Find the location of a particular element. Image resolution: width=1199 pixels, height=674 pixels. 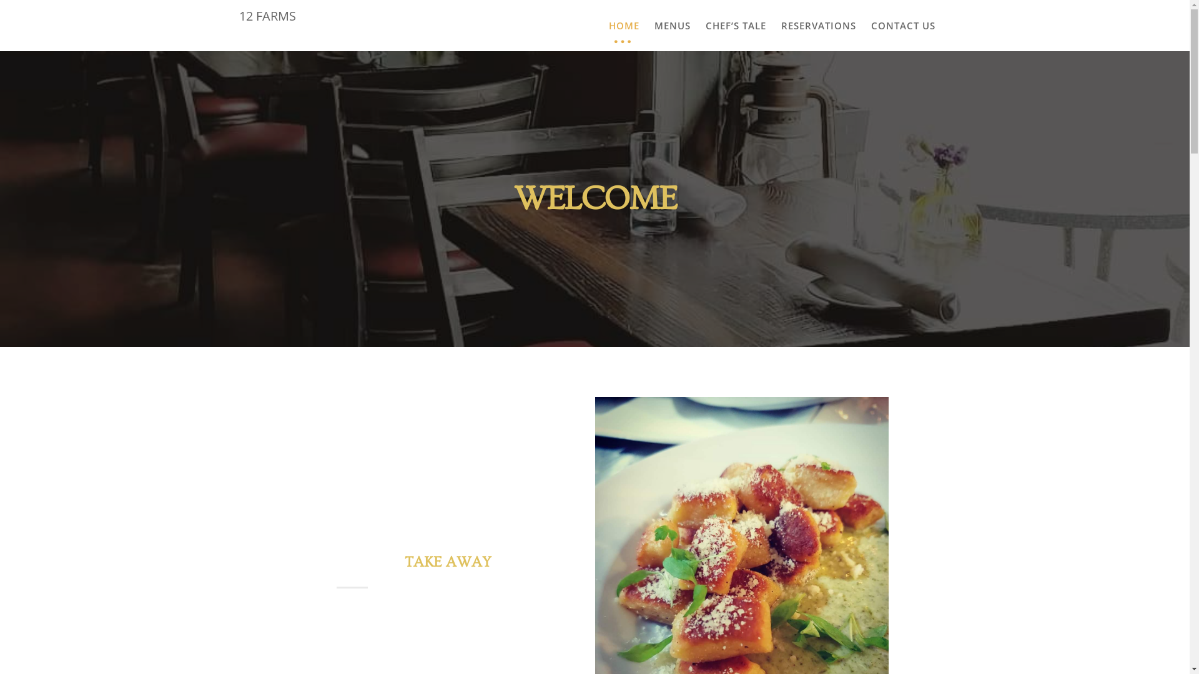

'MENUS' is located at coordinates (671, 26).